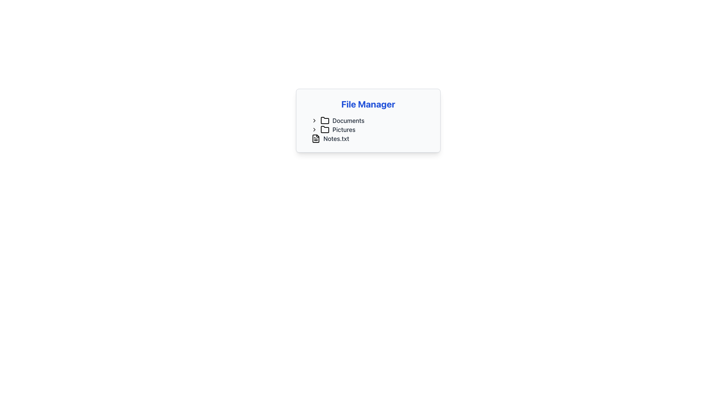 Image resolution: width=723 pixels, height=406 pixels. I want to click on the right-pointing chevron icon adjacent to the 'Documents' folder in the 'File Manager', so click(314, 120).